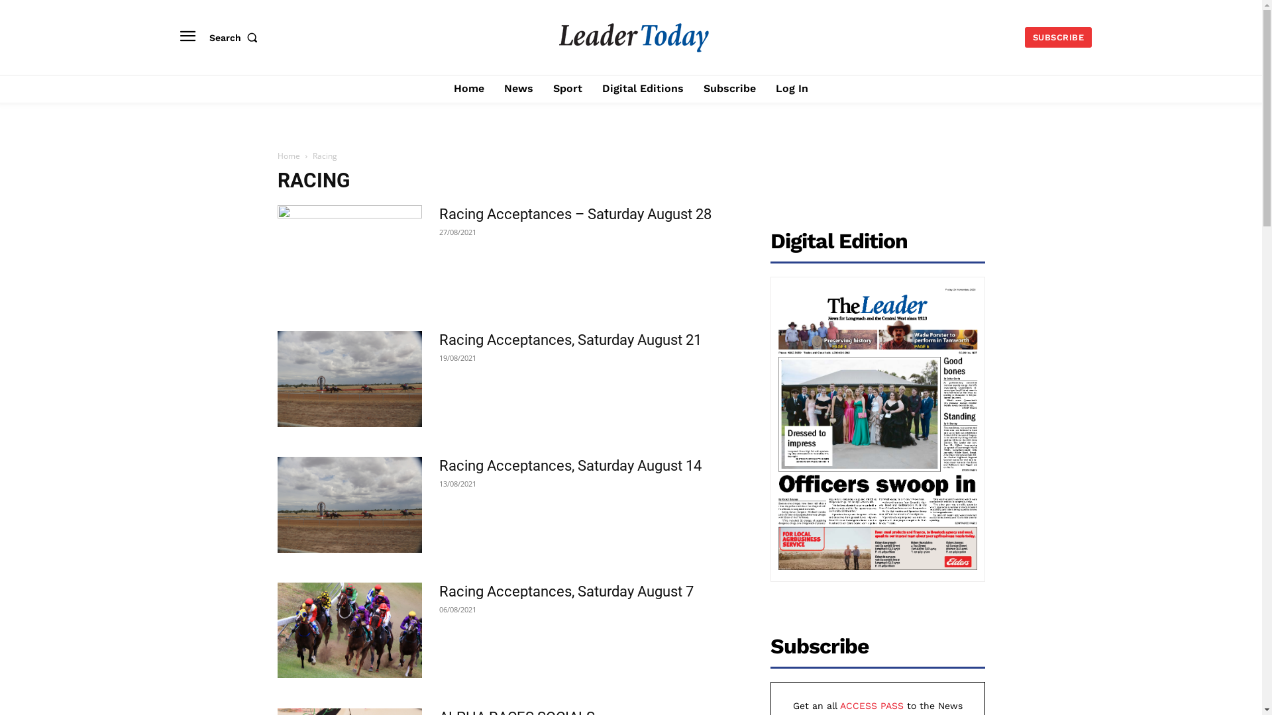 The width and height of the screenshot is (1272, 715). I want to click on 'Racing Acceptances, Saturday August 14', so click(349, 504).